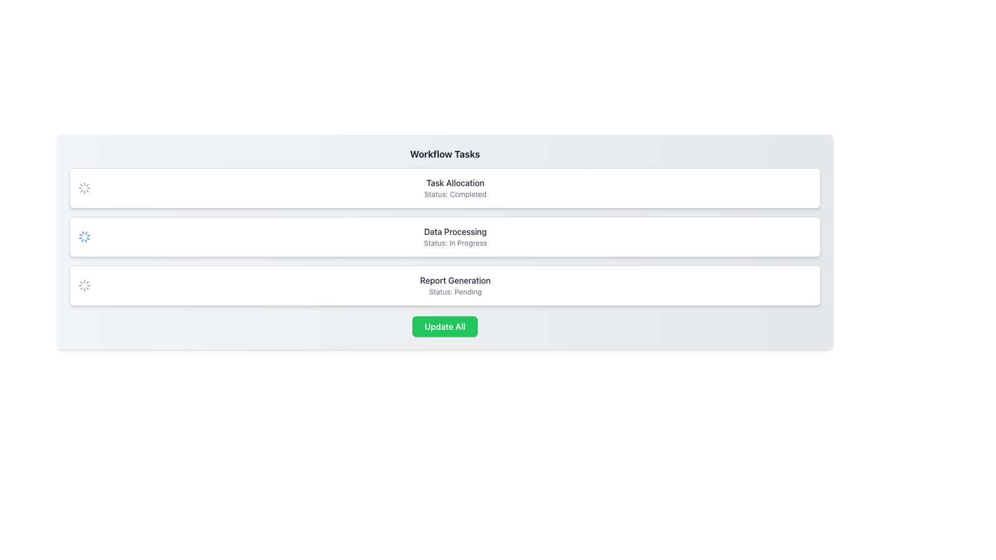 This screenshot has width=996, height=560. Describe the element at coordinates (455, 243) in the screenshot. I see `text label that displays 'Status: In Progress', which is styled in a smaller font size and light gray color, located directly below the main heading` at that location.